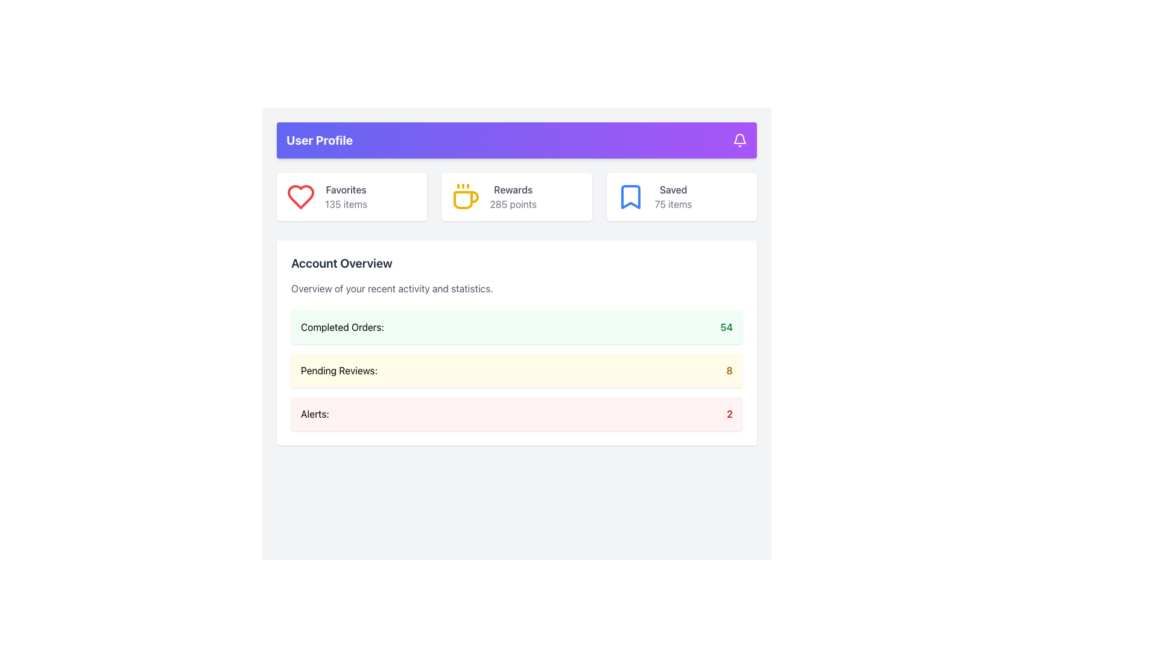 This screenshot has height=651, width=1158. Describe the element at coordinates (672, 190) in the screenshot. I see `the 'Saved' static text label indicating saved items, which is positioned above the '75 items' label in the 'Saved' section` at that location.